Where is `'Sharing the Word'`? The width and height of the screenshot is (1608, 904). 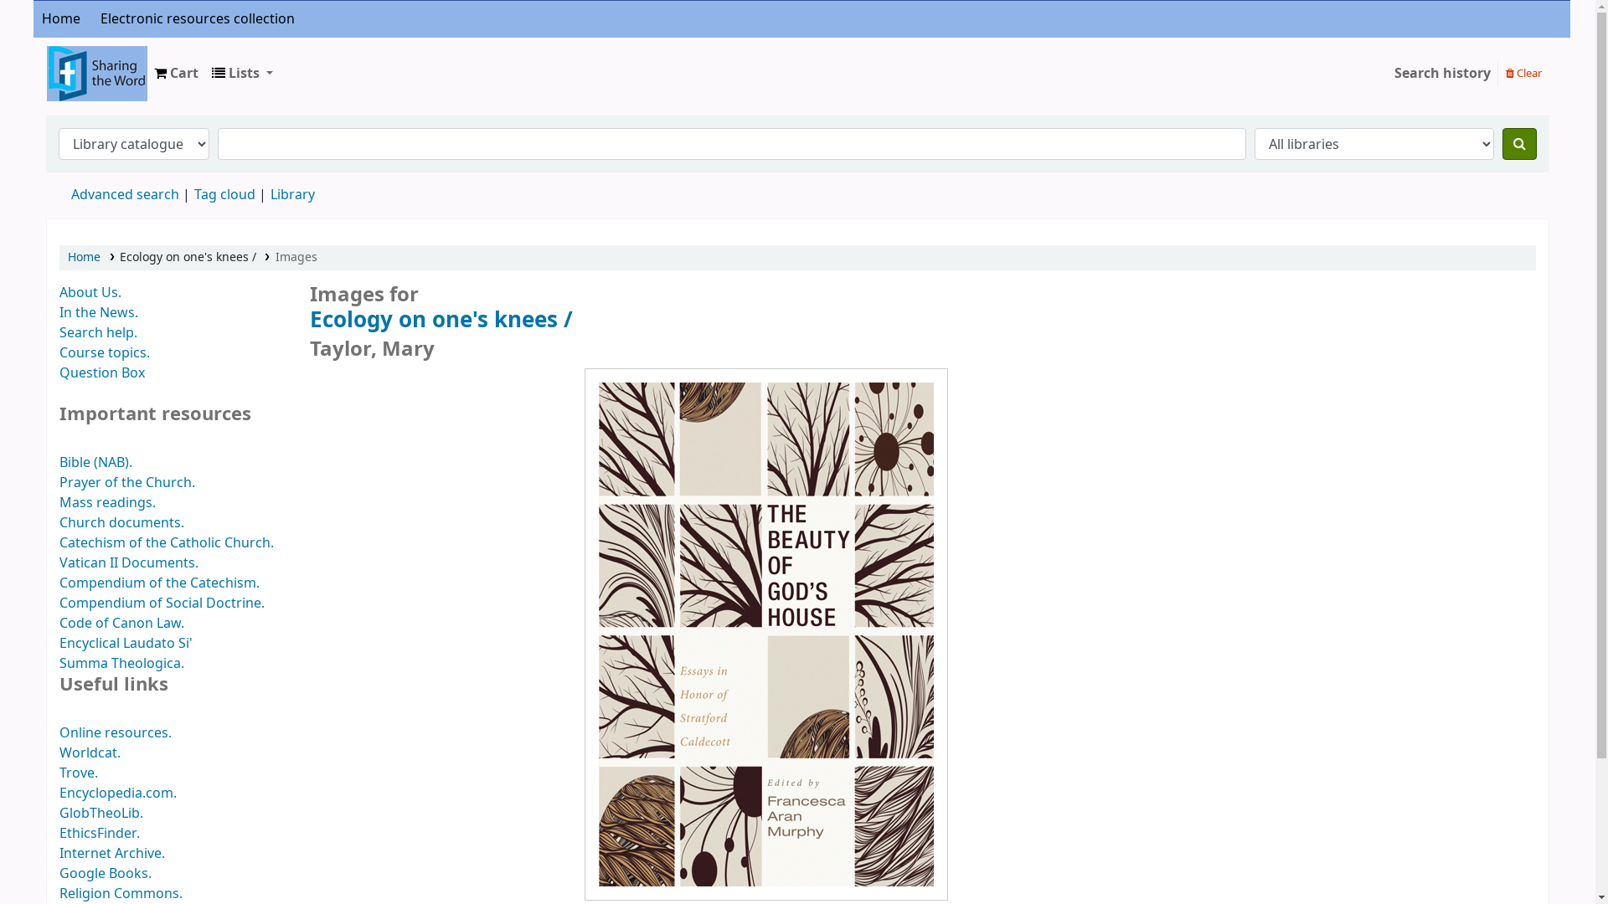 'Sharing the Word' is located at coordinates (47, 60).